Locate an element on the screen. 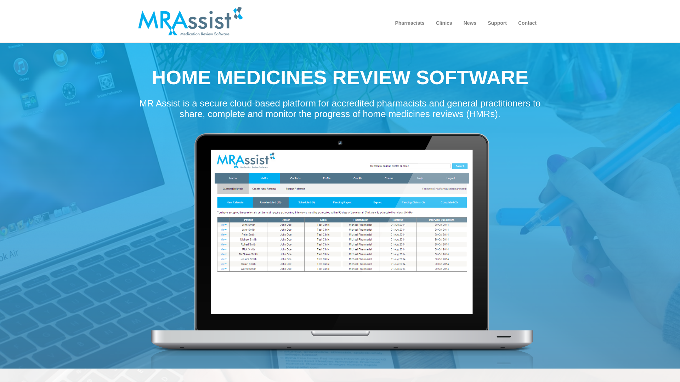  'Support' is located at coordinates (497, 23).